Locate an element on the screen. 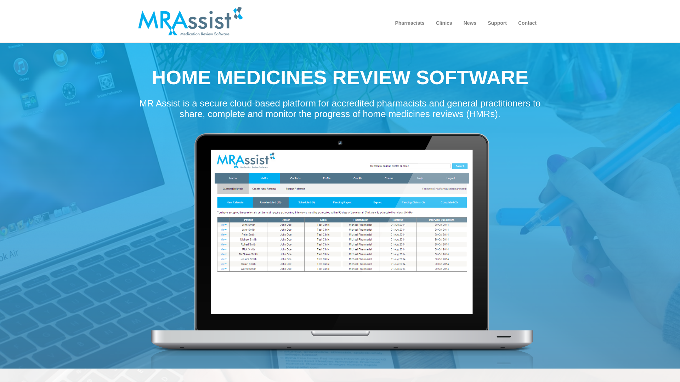  'Support' is located at coordinates (497, 23).